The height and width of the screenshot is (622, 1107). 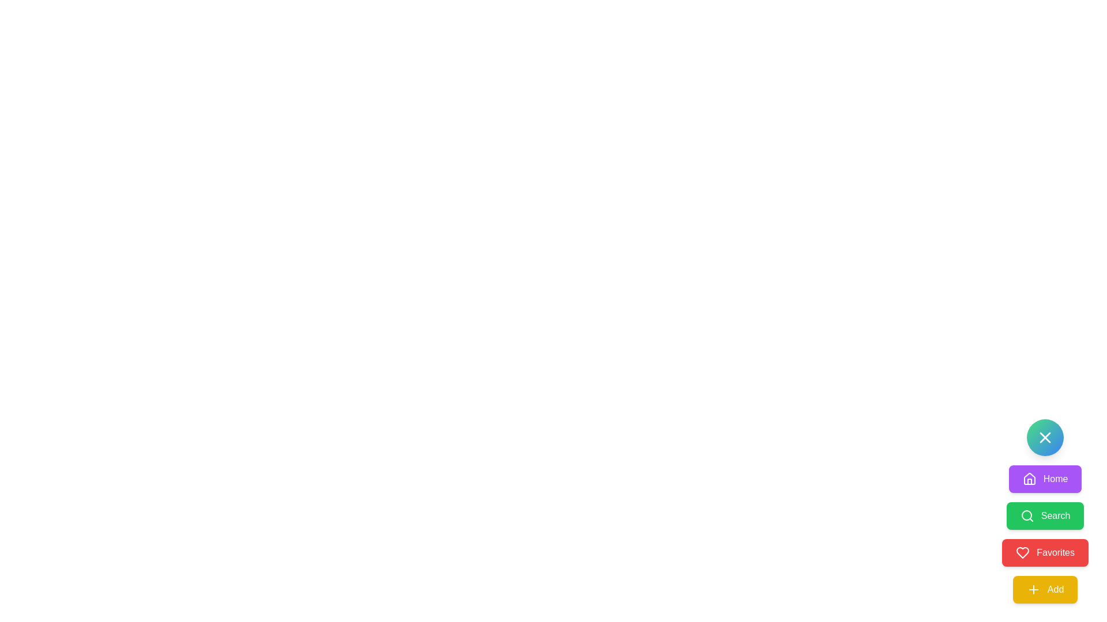 What do you see at coordinates (1045, 437) in the screenshot?
I see `the round button with a gradient background and a white 'X' icon, located at the bottom-right corner of the interface, above the buttons labeled 'Home', 'Search', 'Favorites', and 'Add'` at bounding box center [1045, 437].